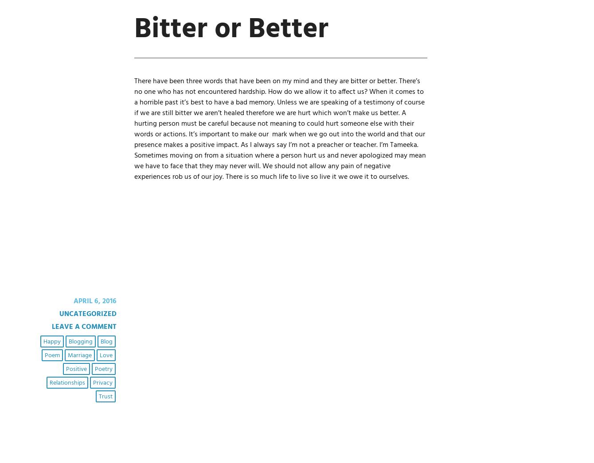  Describe the element at coordinates (59, 313) in the screenshot. I see `'Uncategorized'` at that location.